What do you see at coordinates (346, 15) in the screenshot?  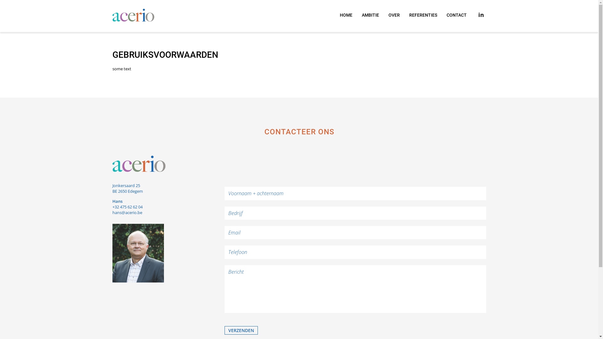 I see `'HOME'` at bounding box center [346, 15].